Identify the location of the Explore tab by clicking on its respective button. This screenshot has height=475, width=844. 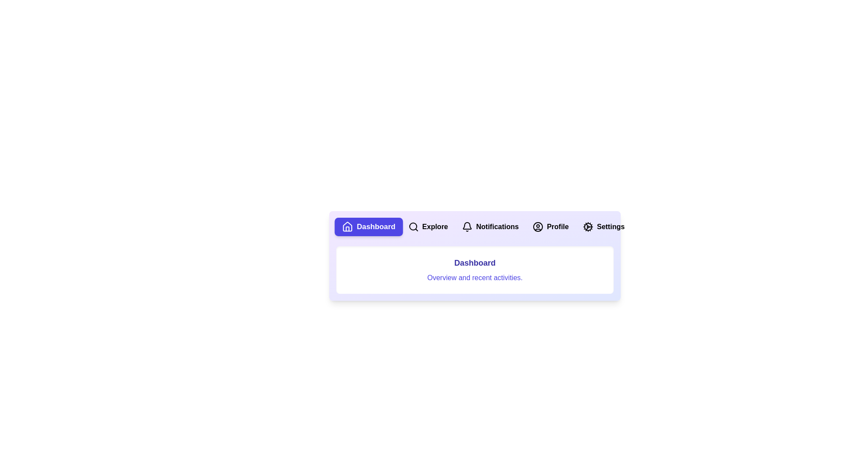
(428, 227).